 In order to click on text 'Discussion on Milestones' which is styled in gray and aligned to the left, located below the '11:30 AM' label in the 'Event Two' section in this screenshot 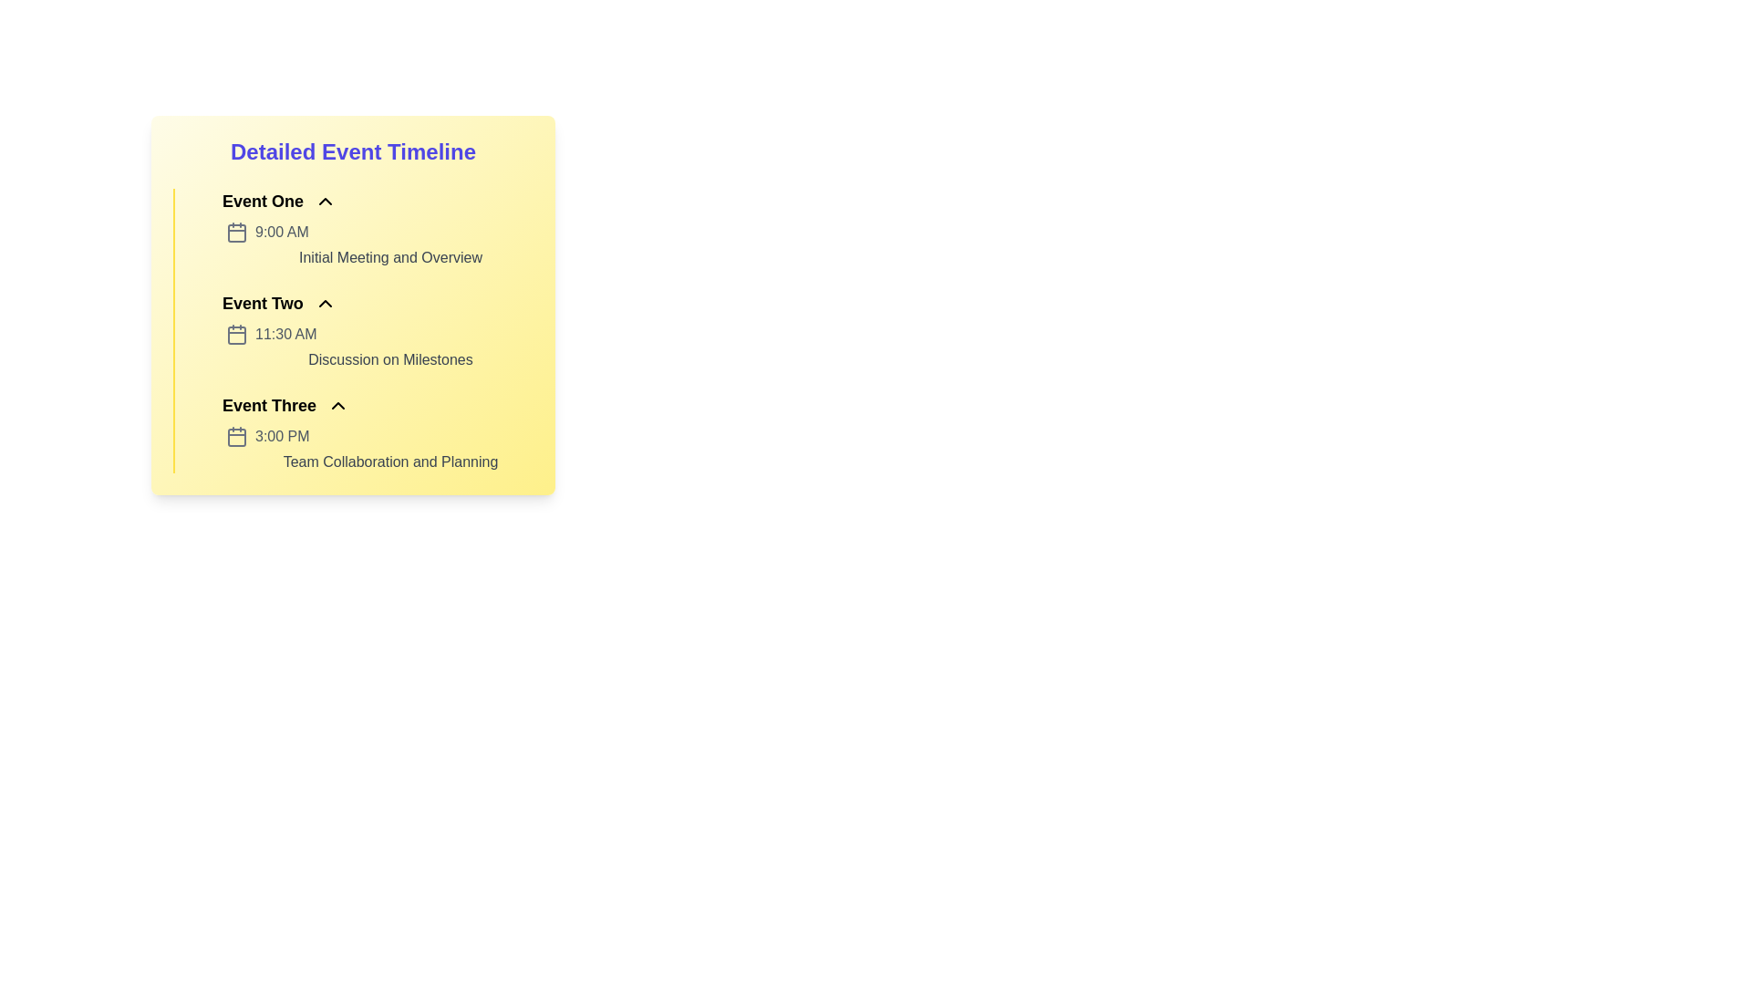, I will do `click(389, 359)`.